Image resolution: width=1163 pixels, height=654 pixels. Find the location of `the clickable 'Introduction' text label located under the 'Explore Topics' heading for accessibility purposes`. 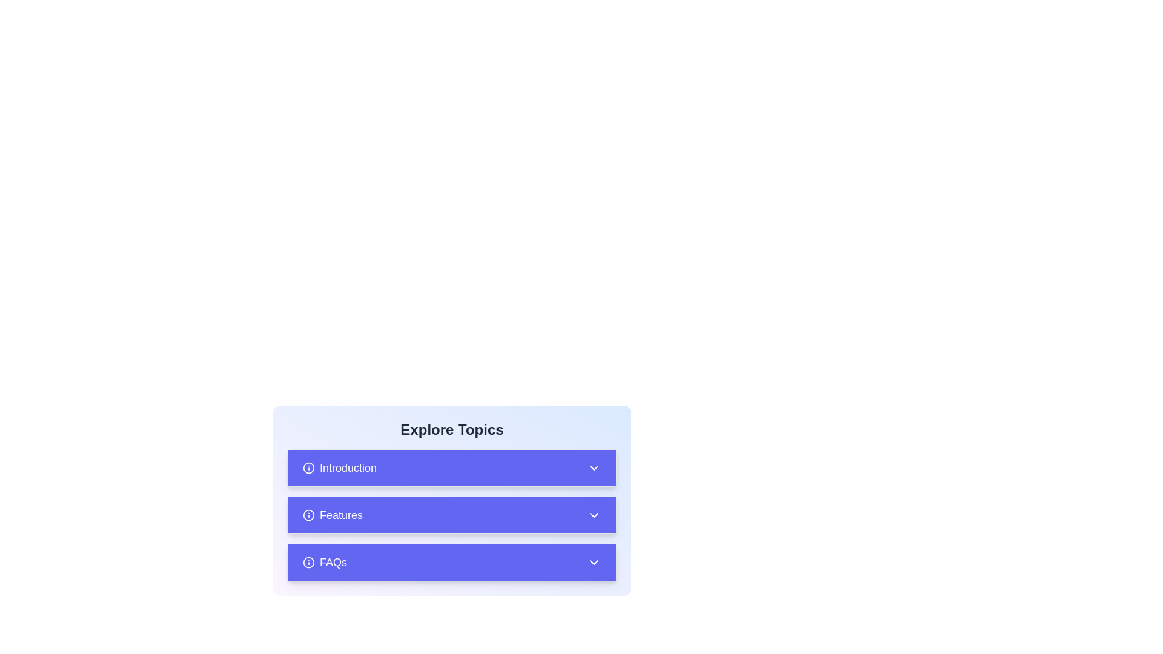

the clickable 'Introduction' text label located under the 'Explore Topics' heading for accessibility purposes is located at coordinates (348, 467).